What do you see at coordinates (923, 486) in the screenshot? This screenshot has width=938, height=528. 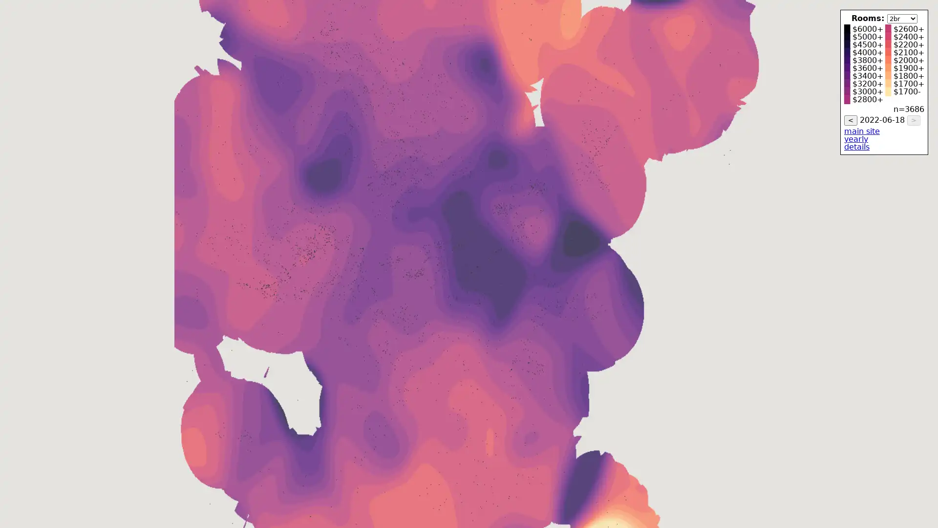 I see `Zoom in` at bounding box center [923, 486].